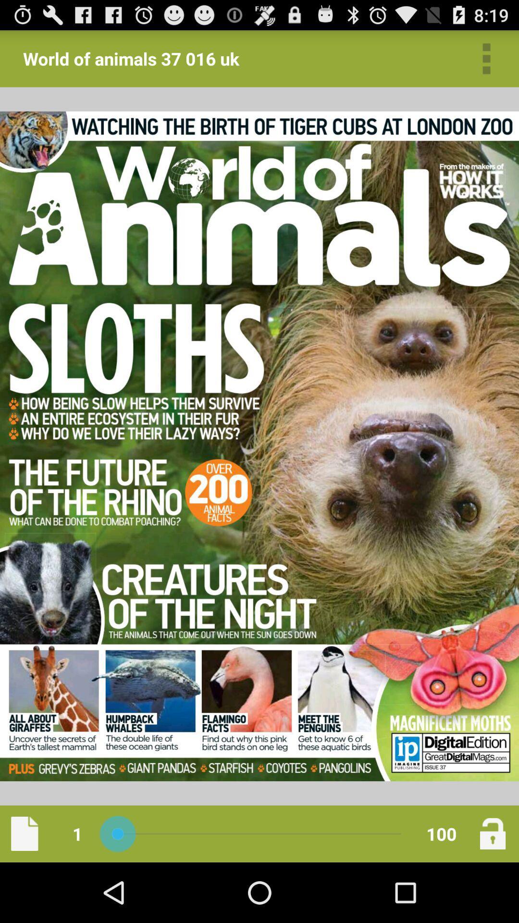  Describe the element at coordinates (486, 58) in the screenshot. I see `go settings` at that location.